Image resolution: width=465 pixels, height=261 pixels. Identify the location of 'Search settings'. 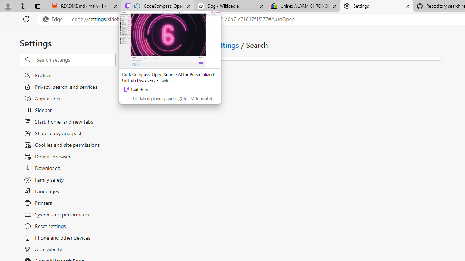
(76, 59).